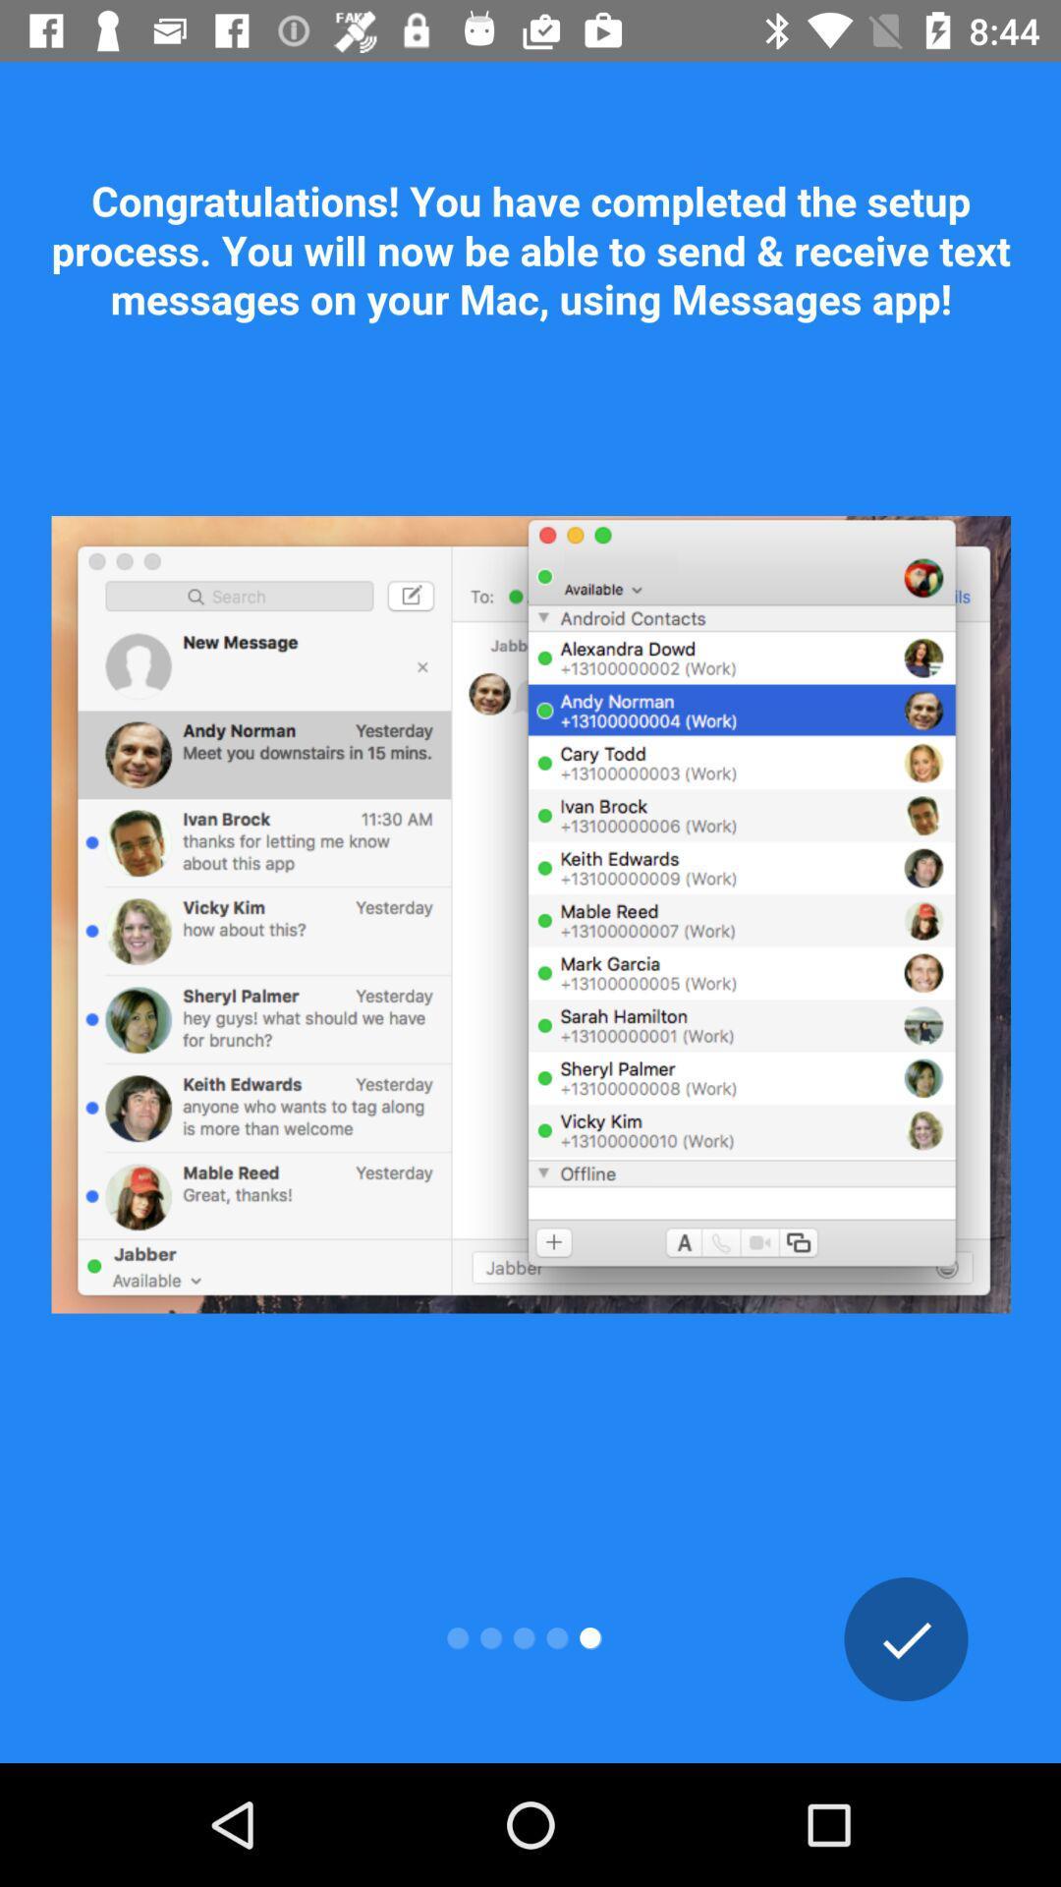 This screenshot has width=1061, height=1887. What do you see at coordinates (906, 1638) in the screenshot?
I see `ok` at bounding box center [906, 1638].